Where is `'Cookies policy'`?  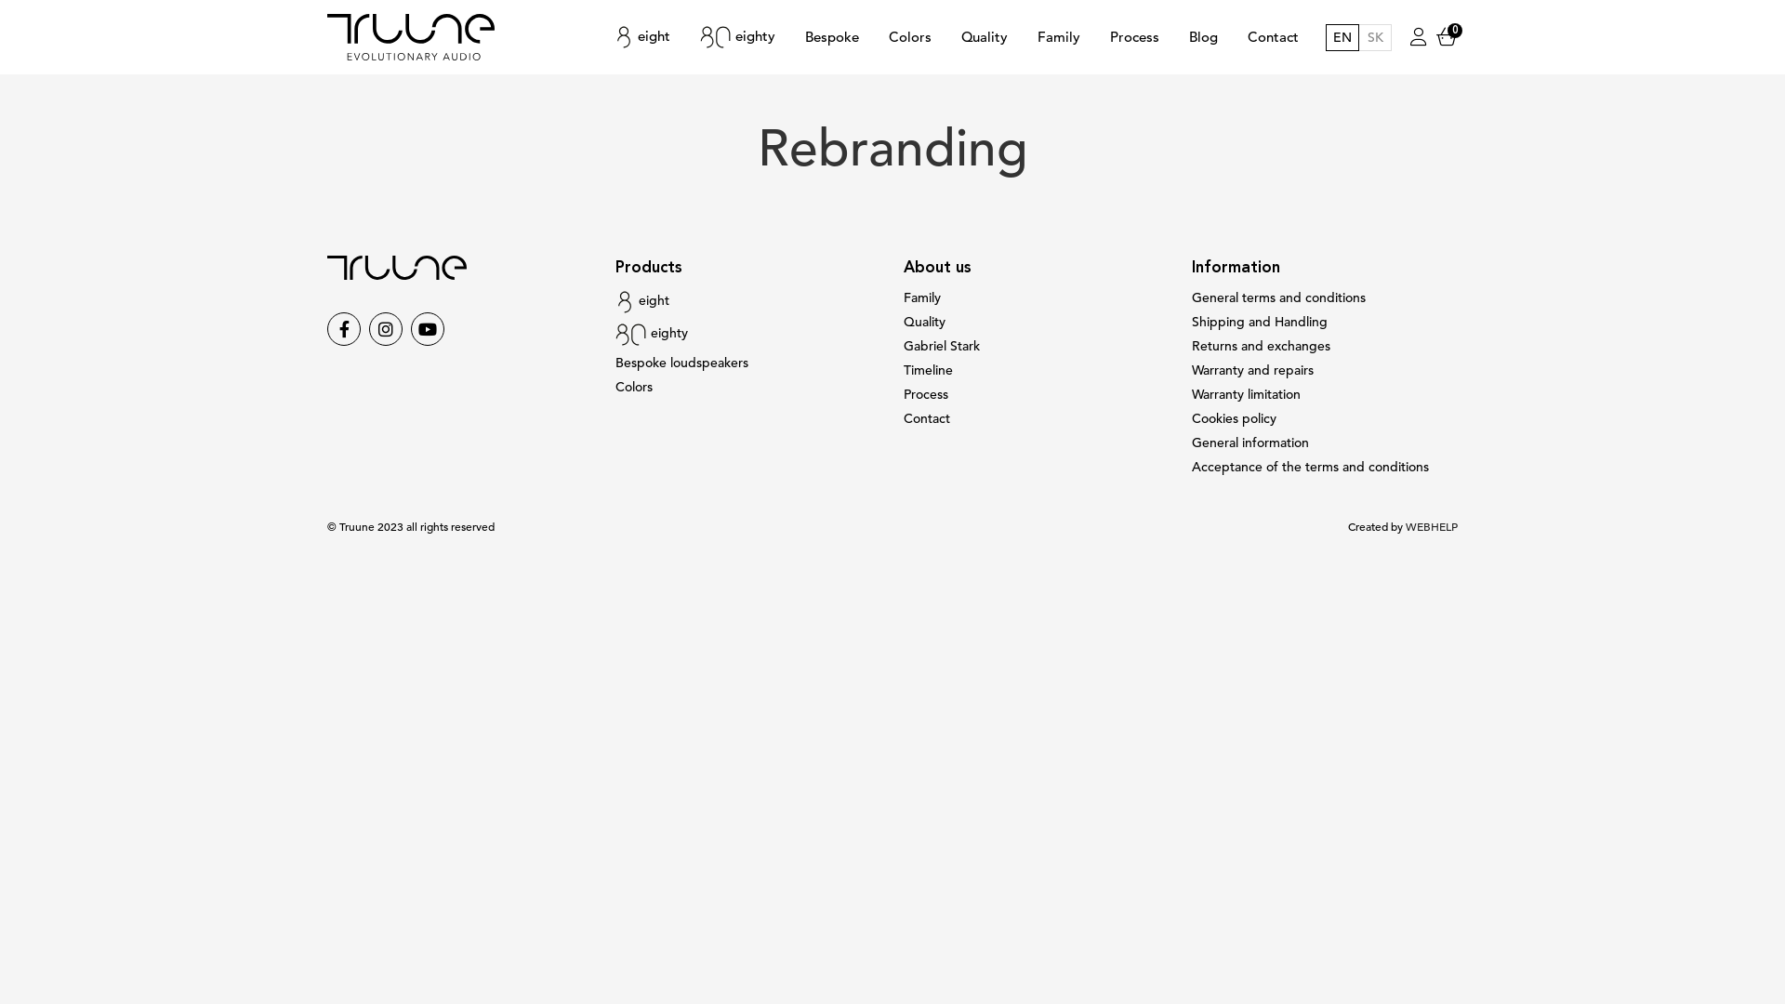
'Cookies policy' is located at coordinates (1234, 418).